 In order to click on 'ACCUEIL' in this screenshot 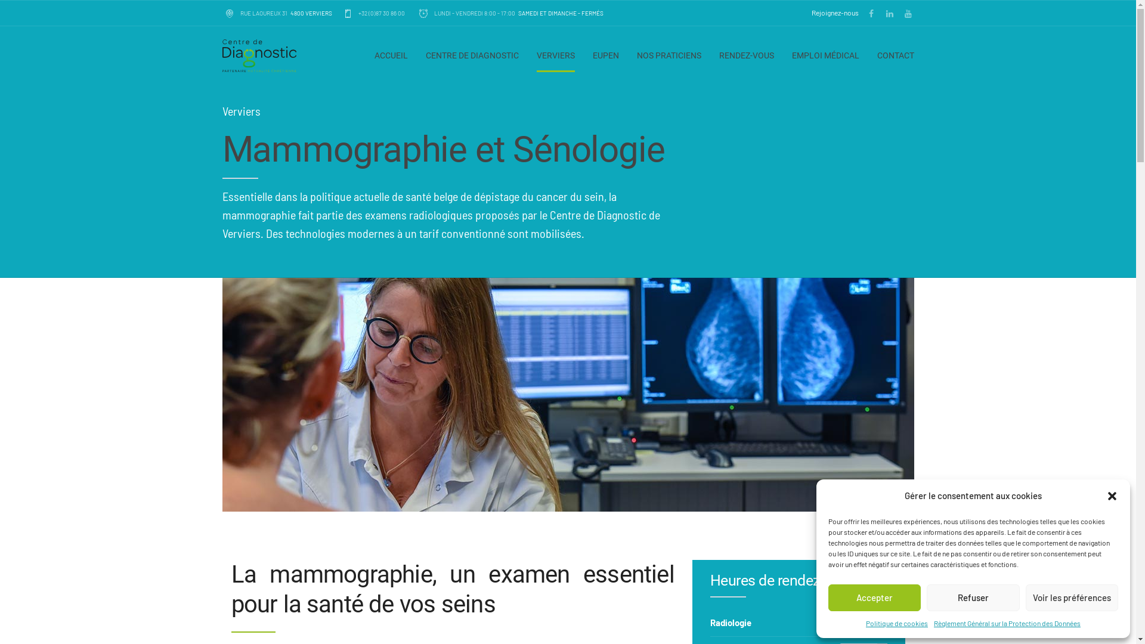, I will do `click(391, 55)`.